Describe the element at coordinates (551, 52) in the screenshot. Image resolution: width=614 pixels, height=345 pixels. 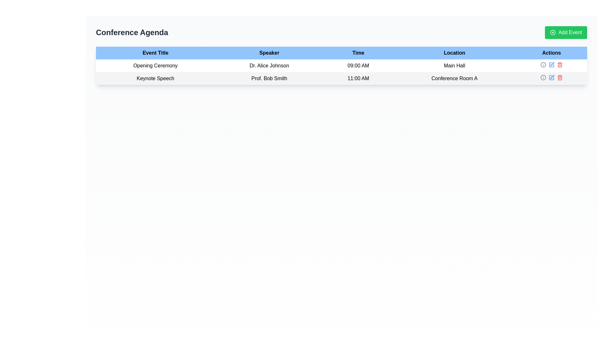
I see `the 'Actions' column header in the table, which is the last header aligned to the right of the 'Location' header` at that location.